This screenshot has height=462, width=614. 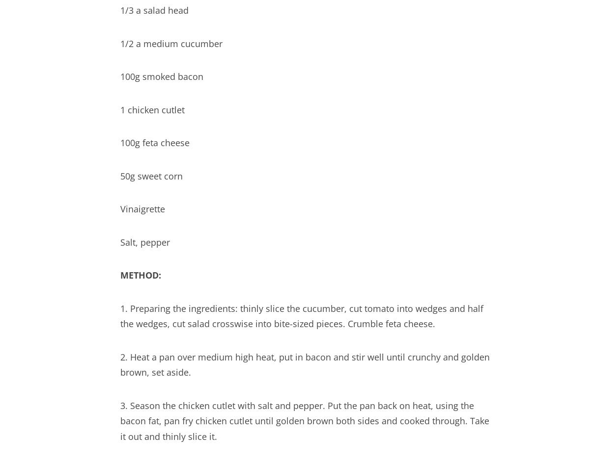 I want to click on 'Vinaigrette', so click(x=120, y=208).